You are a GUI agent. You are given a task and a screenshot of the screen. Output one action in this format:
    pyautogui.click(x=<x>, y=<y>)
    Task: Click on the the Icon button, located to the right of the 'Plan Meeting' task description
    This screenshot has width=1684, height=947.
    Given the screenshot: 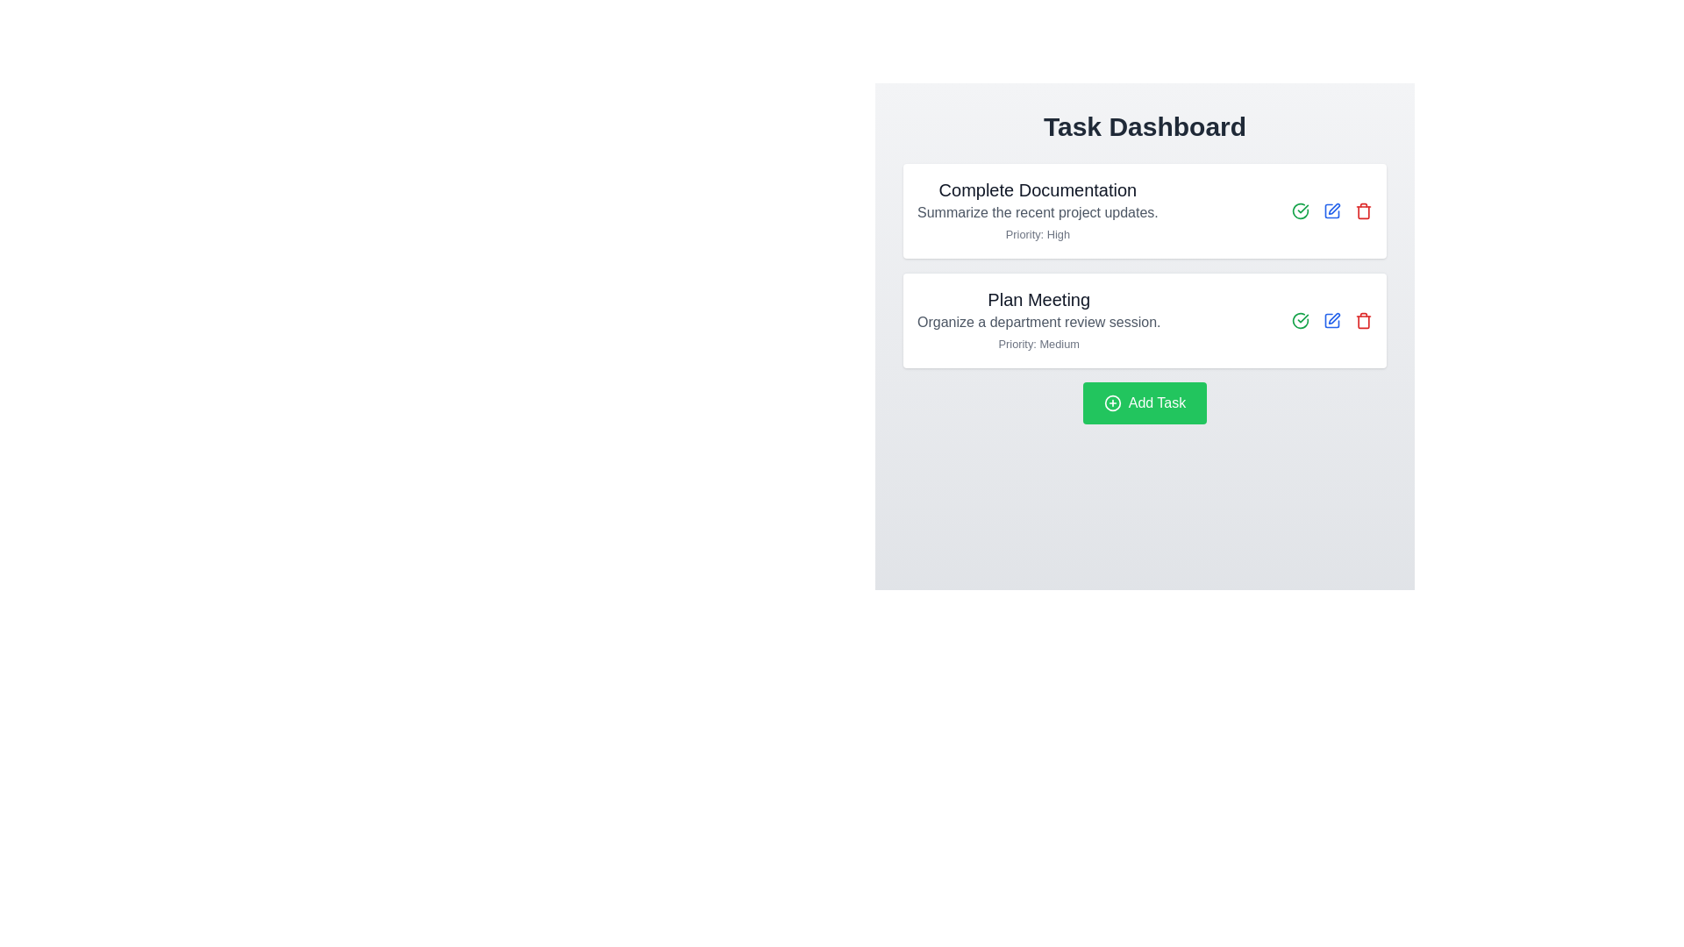 What is the action you would take?
    pyautogui.click(x=1301, y=210)
    